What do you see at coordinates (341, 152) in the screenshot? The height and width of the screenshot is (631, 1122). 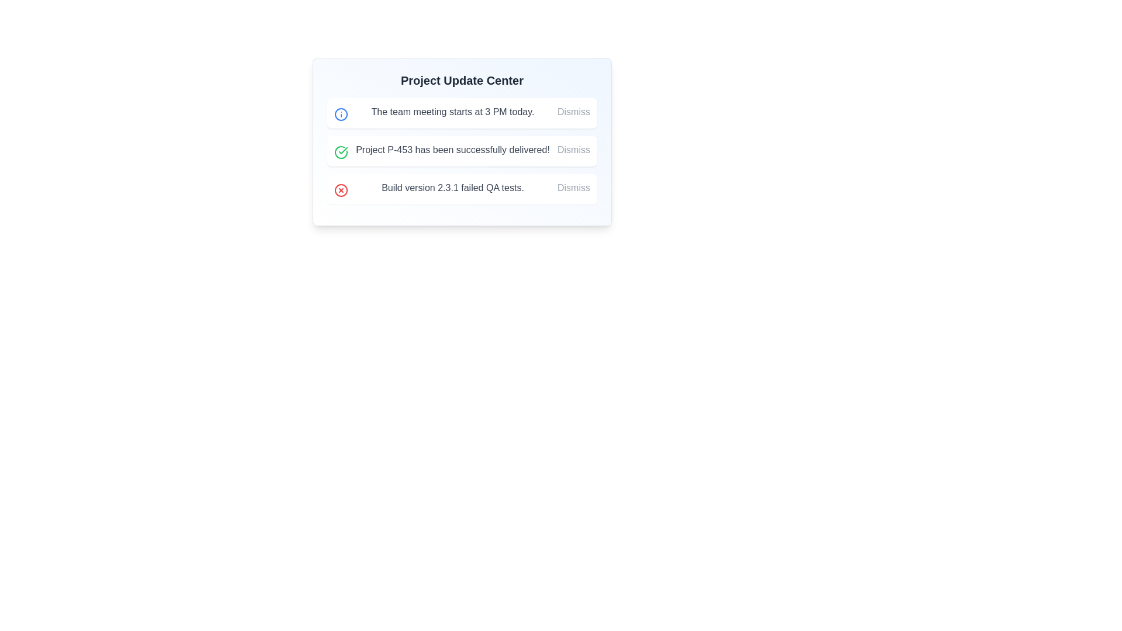 I see `the success icon that represents the confirmation of the notification stating 'Project P-453 has been successfully delivered!', located in the left section of the middle notification row` at bounding box center [341, 152].